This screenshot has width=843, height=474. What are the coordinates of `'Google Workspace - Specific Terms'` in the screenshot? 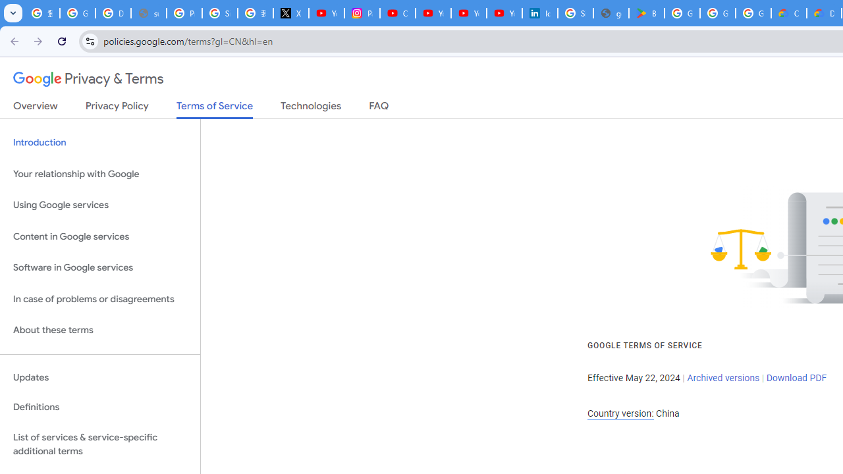 It's located at (753, 13).